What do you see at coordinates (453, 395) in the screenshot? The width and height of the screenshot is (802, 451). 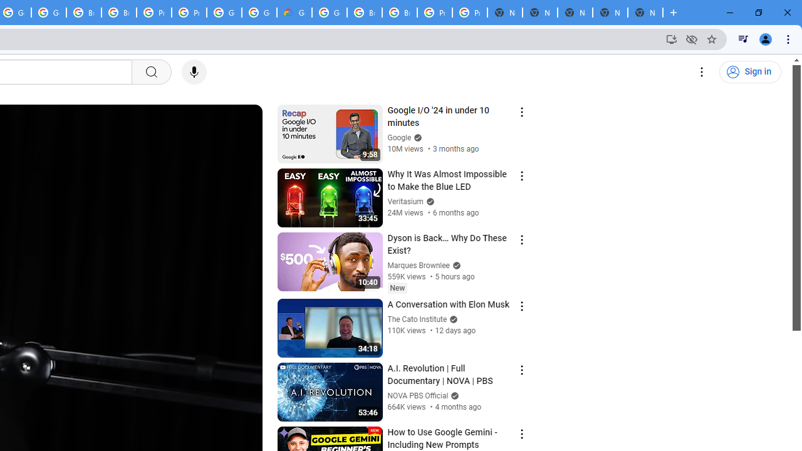 I see `'Verified'` at bounding box center [453, 395].